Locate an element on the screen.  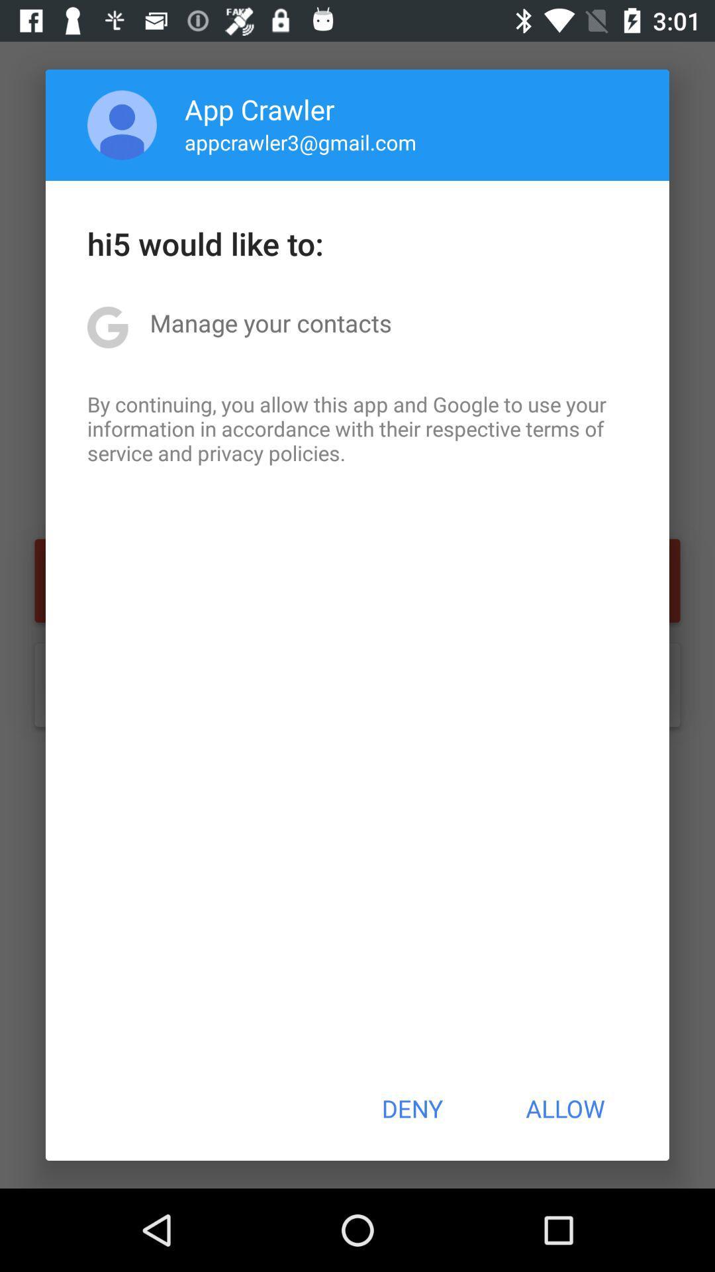
the appcrawler3@gmail.com app is located at coordinates (301, 142).